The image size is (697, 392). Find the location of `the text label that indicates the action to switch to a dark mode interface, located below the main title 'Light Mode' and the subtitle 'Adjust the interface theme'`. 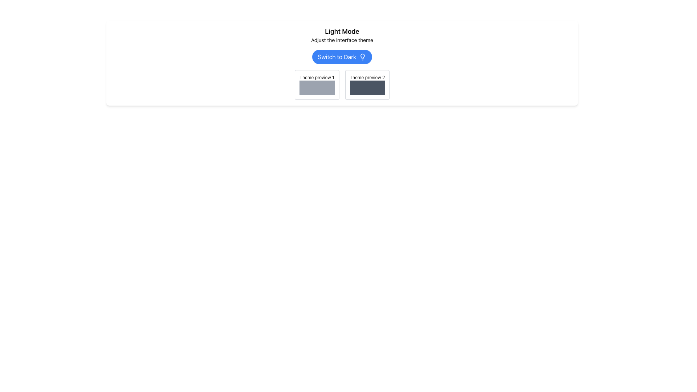

the text label that indicates the action to switch to a dark mode interface, located below the main title 'Light Mode' and the subtitle 'Adjust the interface theme' is located at coordinates (337, 57).